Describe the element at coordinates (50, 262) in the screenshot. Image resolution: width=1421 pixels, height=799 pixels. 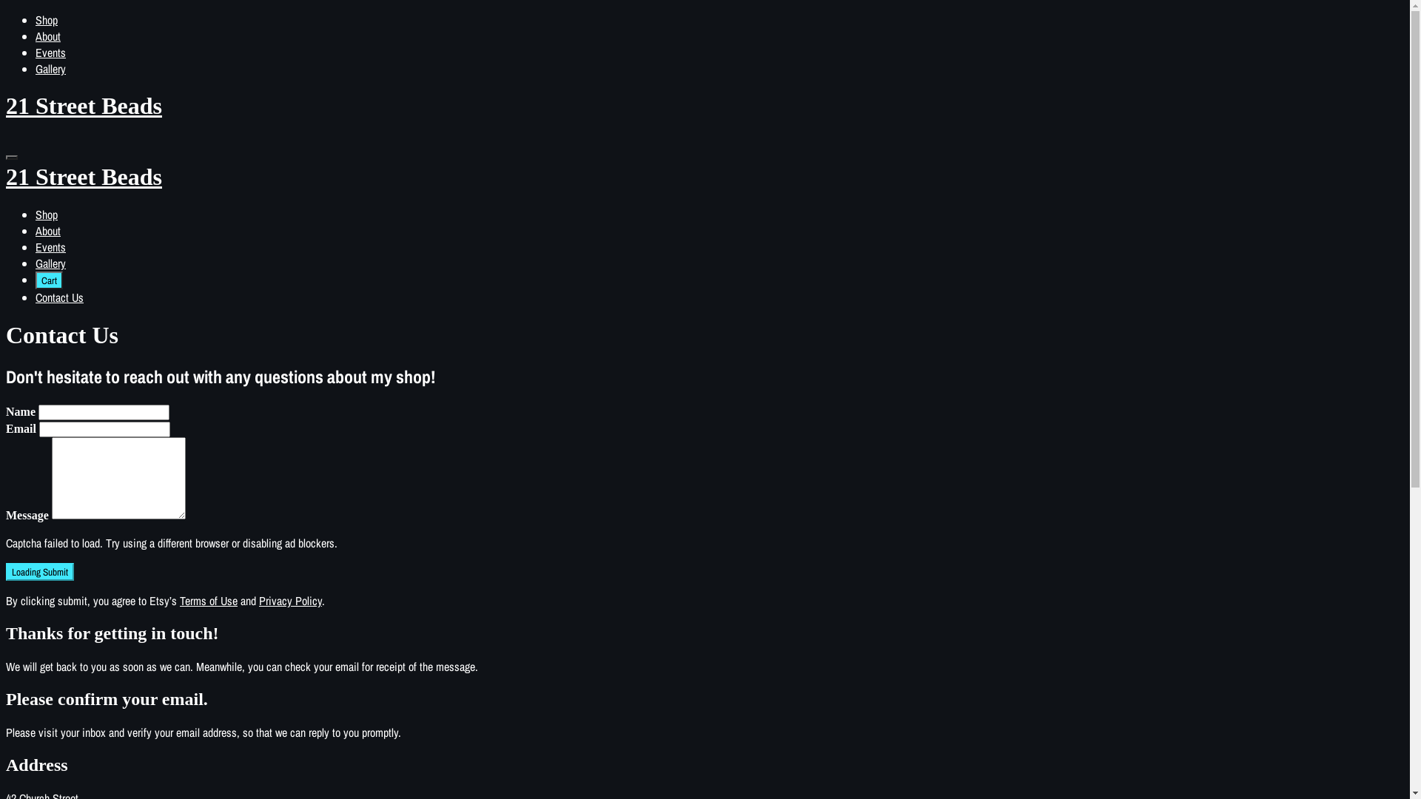
I see `'Gallery'` at that location.